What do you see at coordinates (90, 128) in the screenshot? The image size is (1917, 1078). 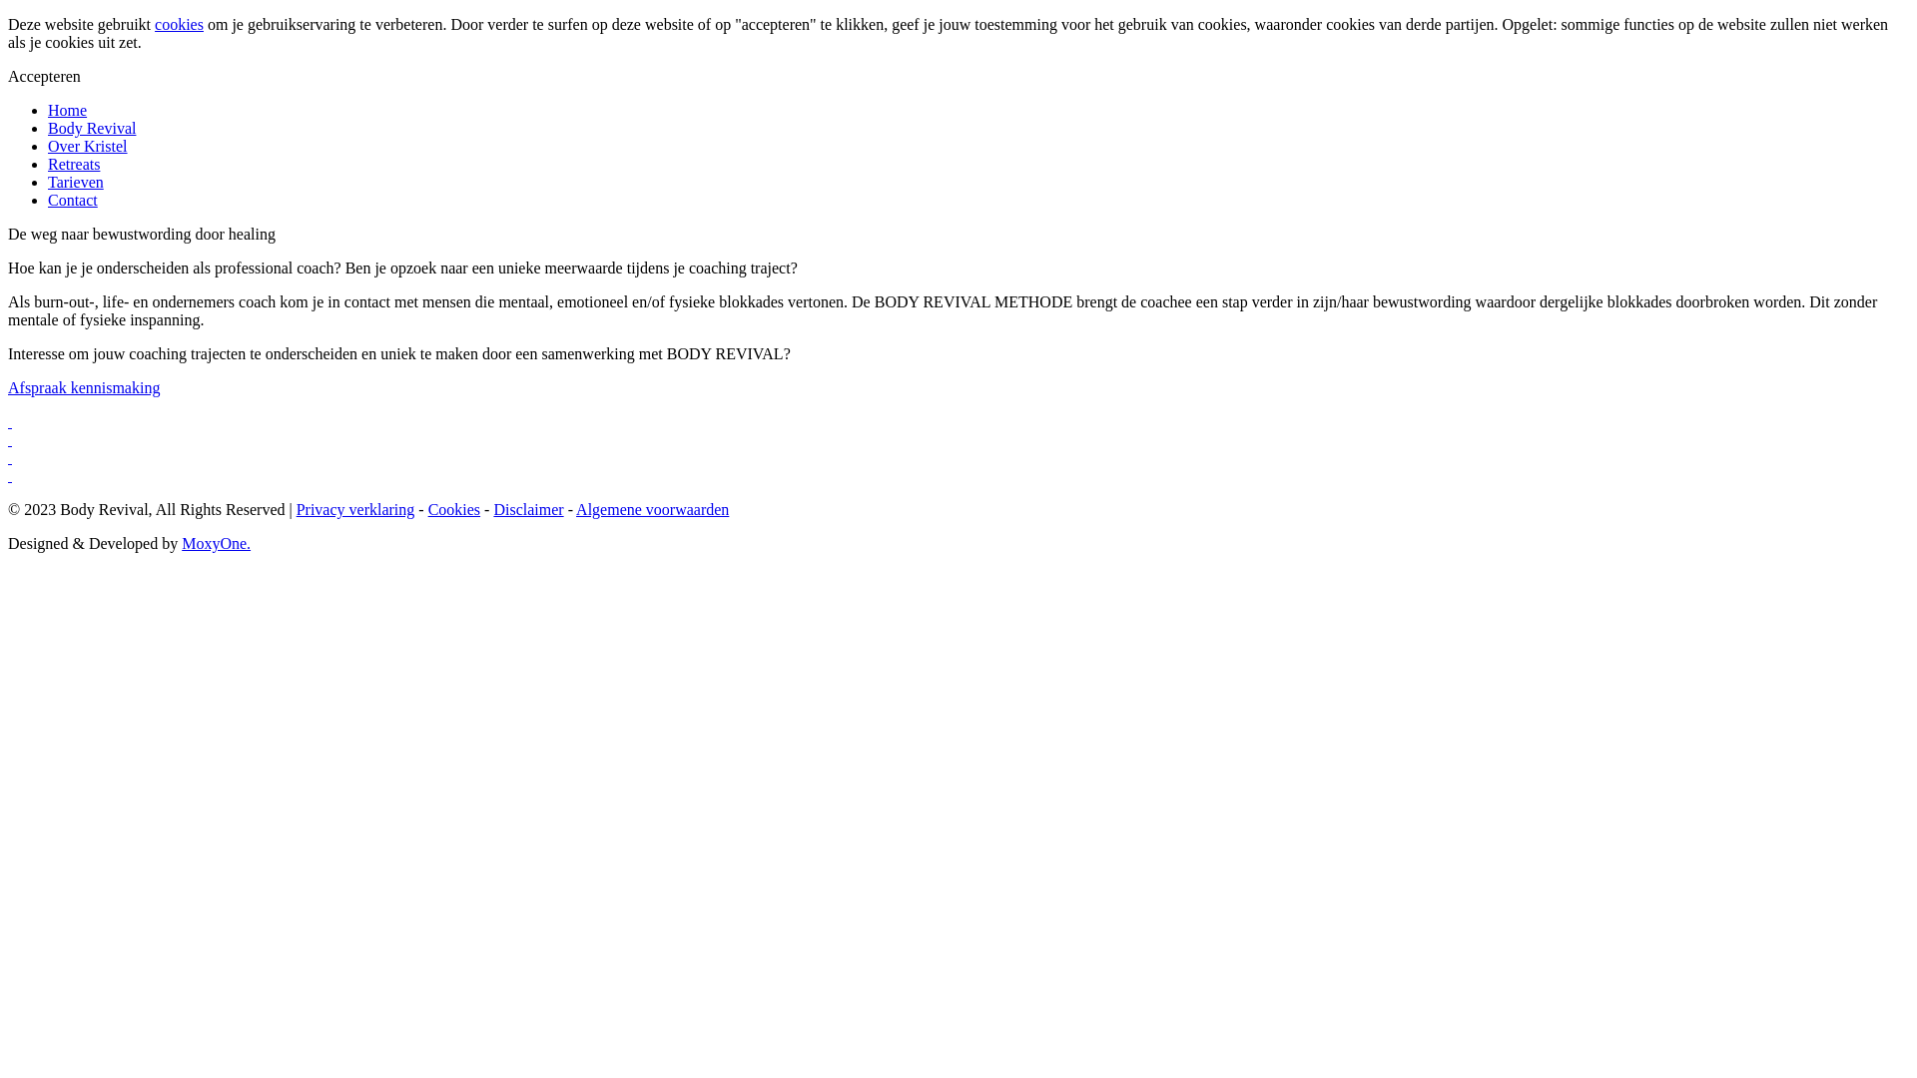 I see `'Body Revival'` at bounding box center [90, 128].